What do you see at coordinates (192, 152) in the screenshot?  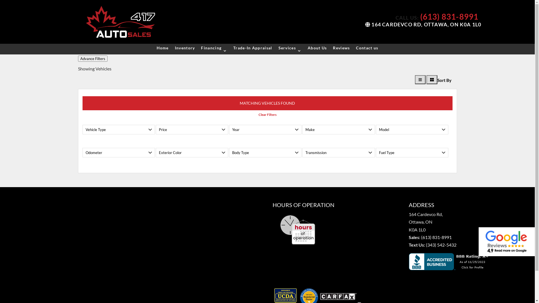 I see `'Exterior Color'` at bounding box center [192, 152].